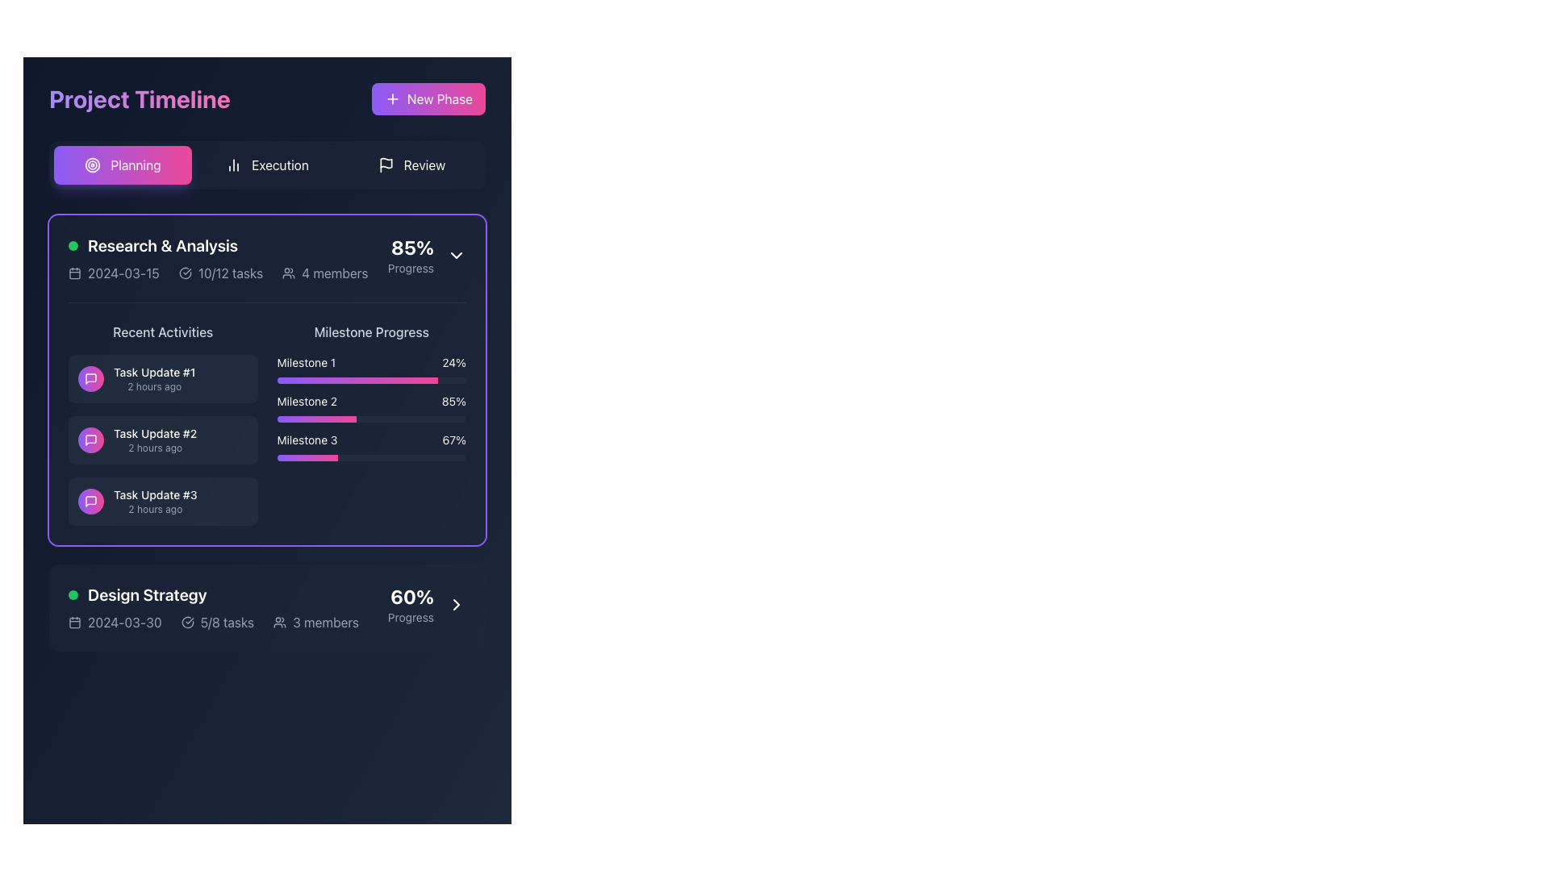 The height and width of the screenshot is (871, 1549). Describe the element at coordinates (123, 621) in the screenshot. I see `the Text label displaying the date related to the 'Design Strategy' section, which is located to the right of a calendar icon and above other textual details` at that location.